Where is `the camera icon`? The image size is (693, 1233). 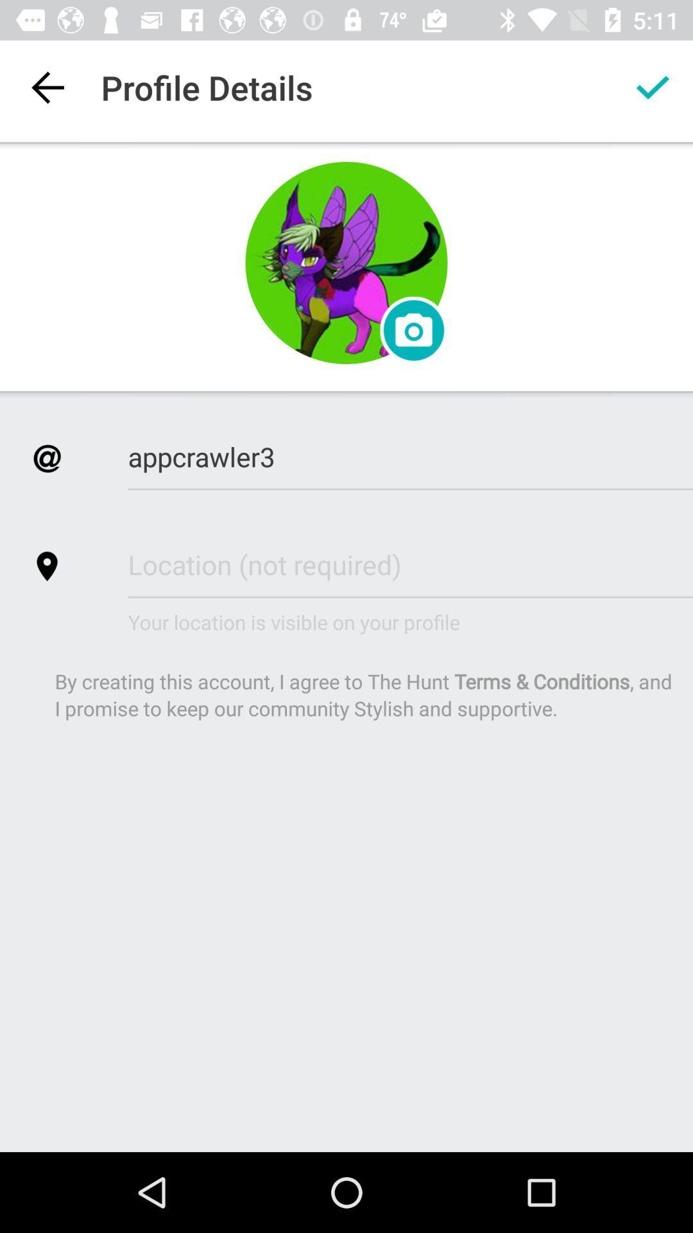
the camera icon is located at coordinates (414, 330).